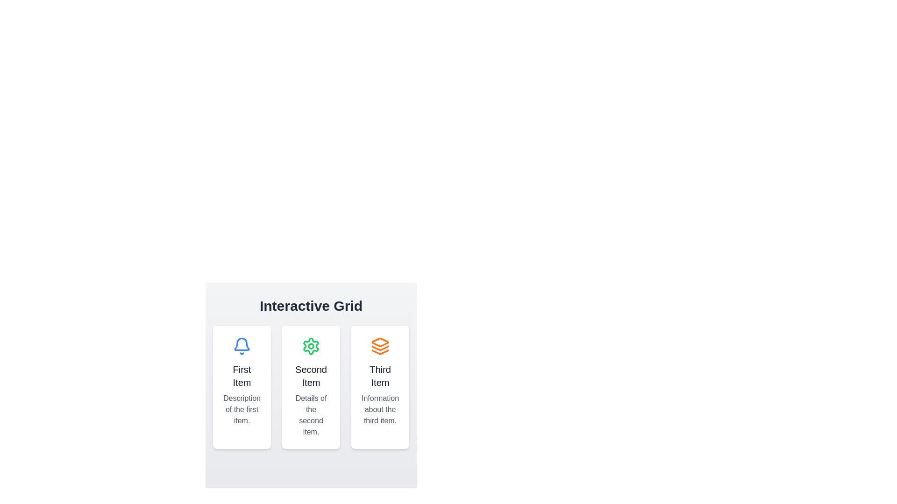  What do you see at coordinates (380, 409) in the screenshot?
I see `the informational static text field that provides details about the 'Third Item' card, located beneath the 'Third Item' text in the bottom section of the card` at bounding box center [380, 409].